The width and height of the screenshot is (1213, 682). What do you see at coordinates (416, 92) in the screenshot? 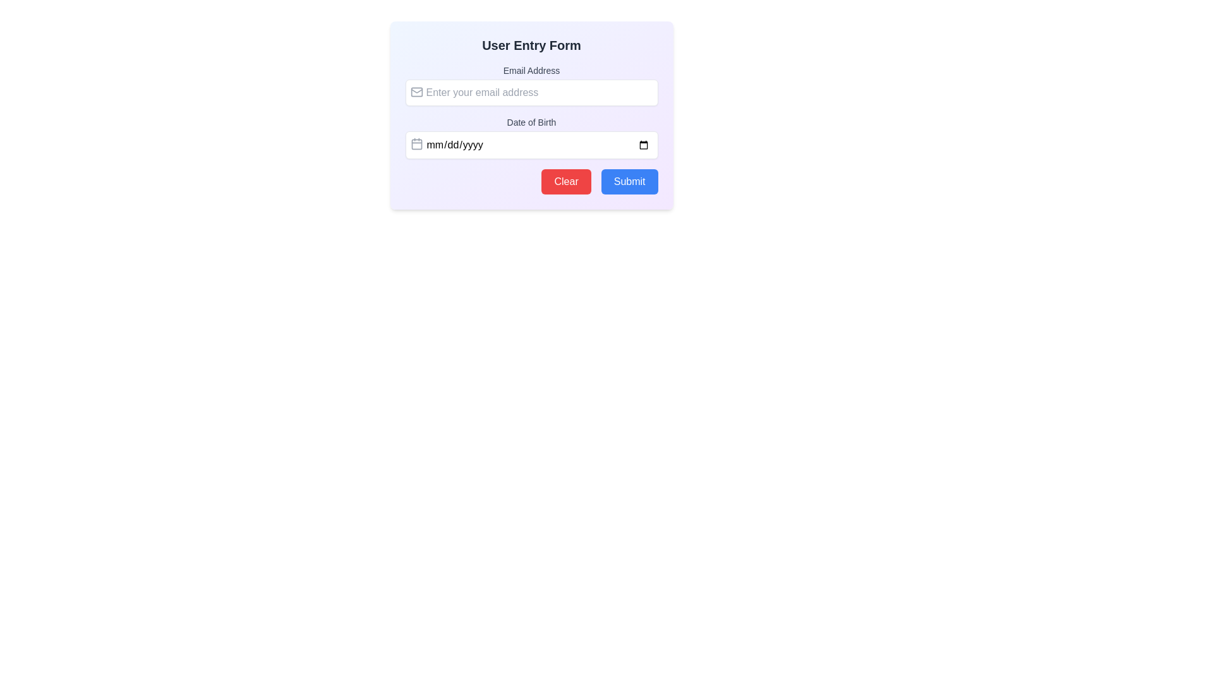
I see `the email input field indicator icon, which is positioned to the left of the email input area` at bounding box center [416, 92].